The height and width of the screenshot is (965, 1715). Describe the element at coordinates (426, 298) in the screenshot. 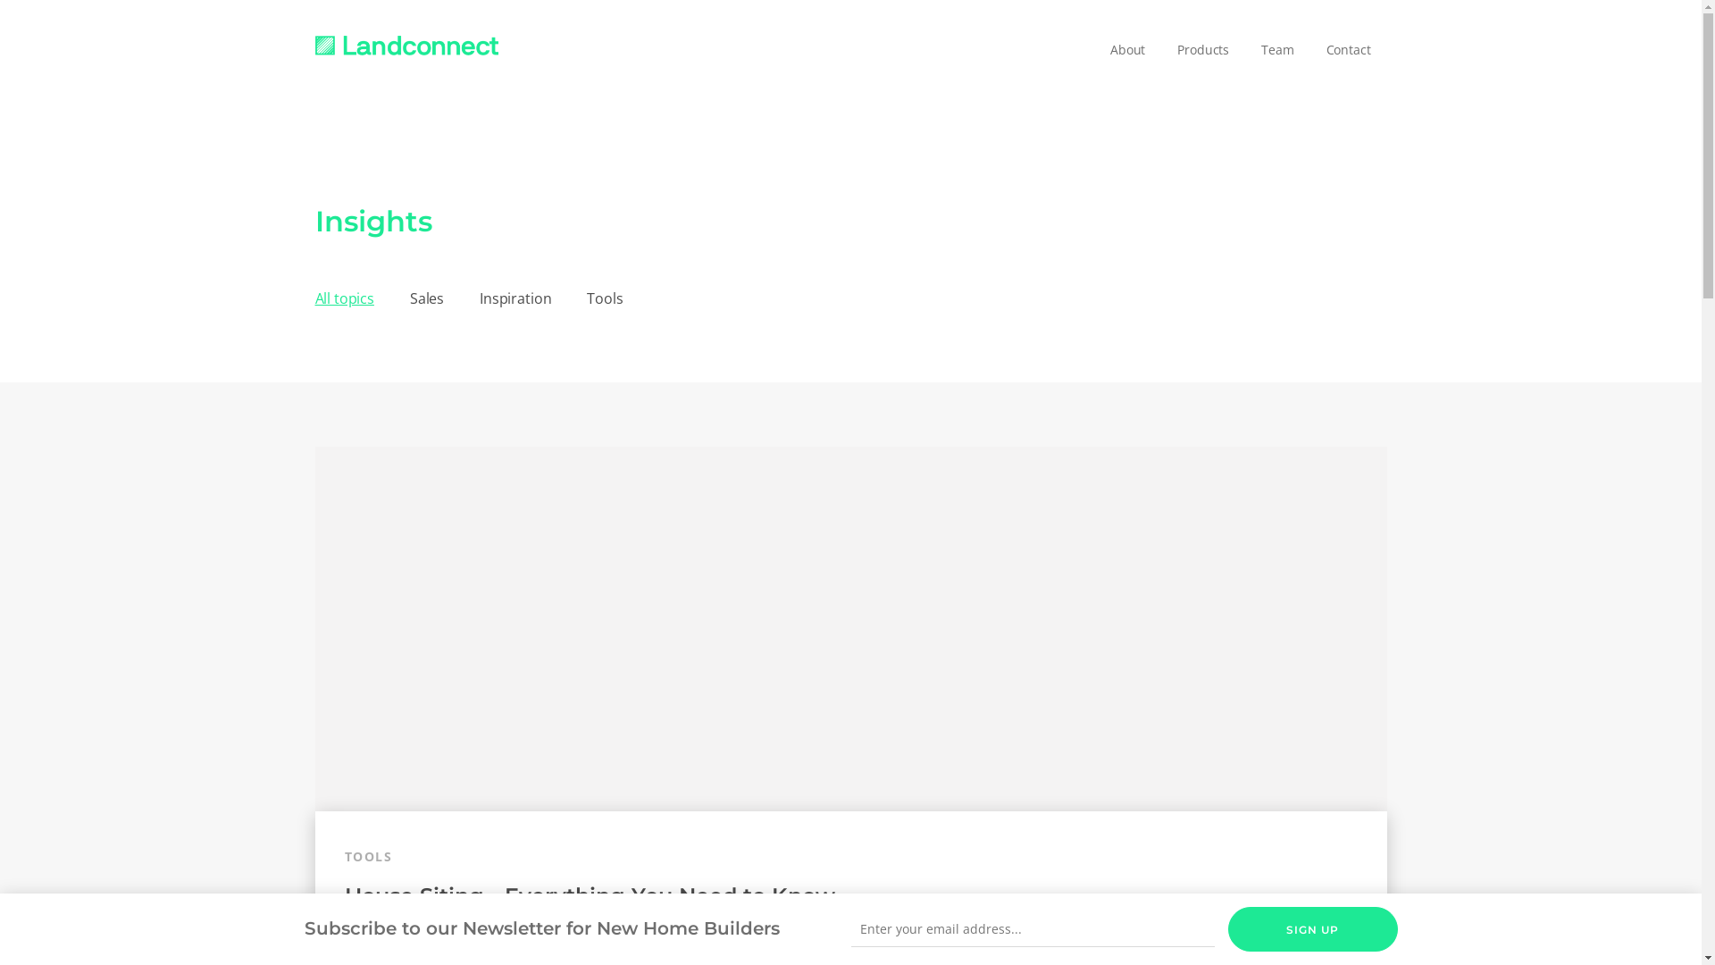

I see `'Sales'` at that location.